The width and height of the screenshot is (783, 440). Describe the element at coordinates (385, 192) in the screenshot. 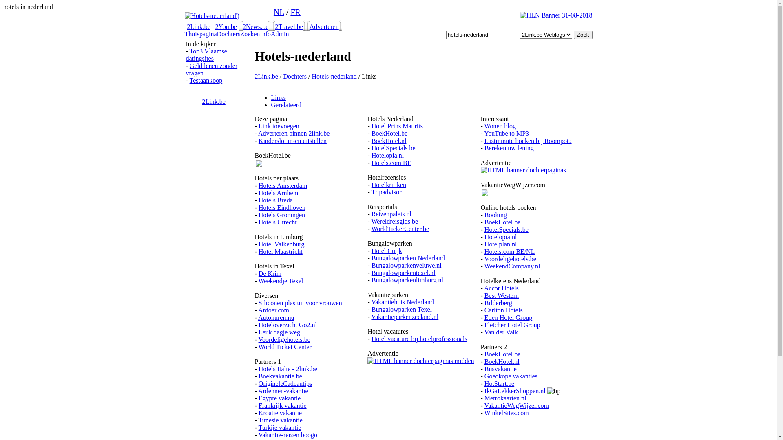

I see `'Tripadvisor'` at that location.